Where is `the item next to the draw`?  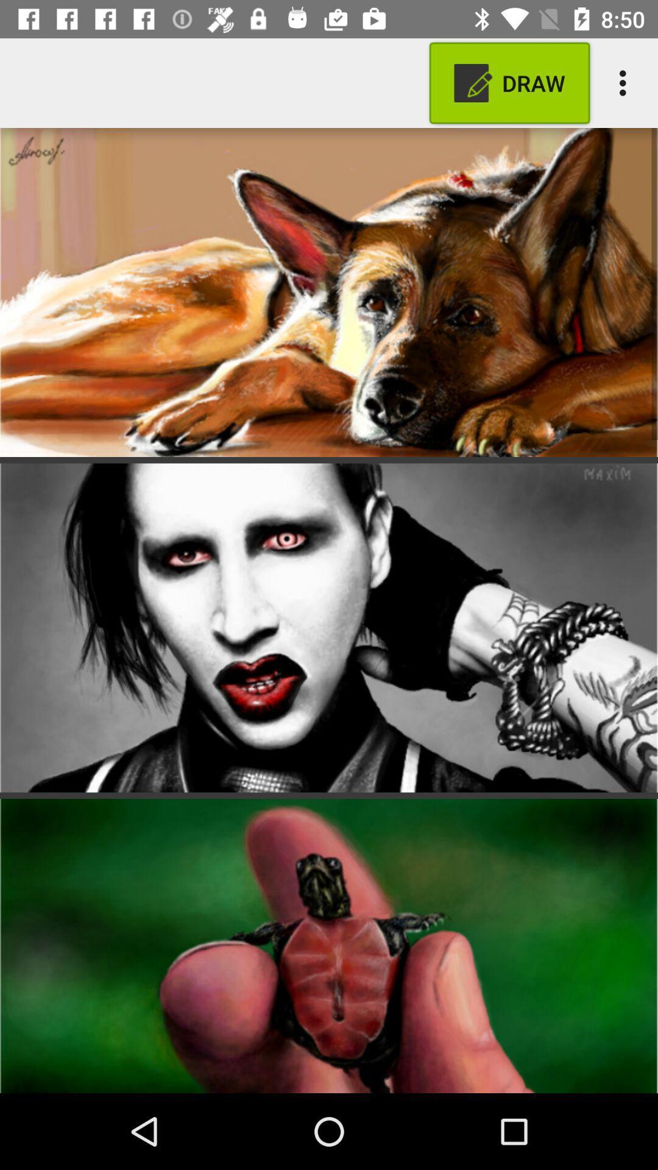 the item next to the draw is located at coordinates (626, 82).